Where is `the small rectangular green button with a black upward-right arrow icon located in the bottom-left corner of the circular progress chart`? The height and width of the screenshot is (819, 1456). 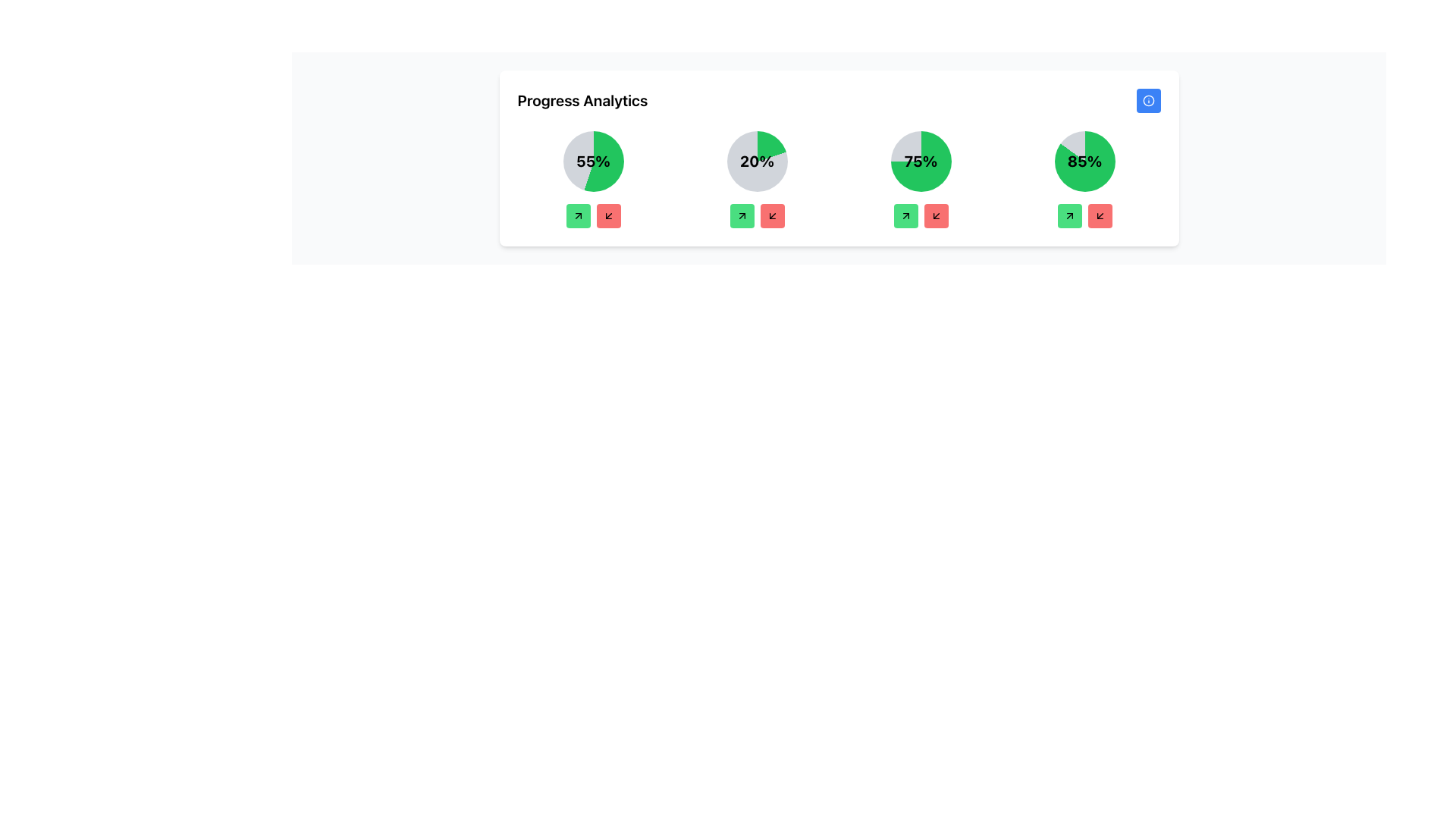 the small rectangular green button with a black upward-right arrow icon located in the bottom-left corner of the circular progress chart is located at coordinates (1068, 216).